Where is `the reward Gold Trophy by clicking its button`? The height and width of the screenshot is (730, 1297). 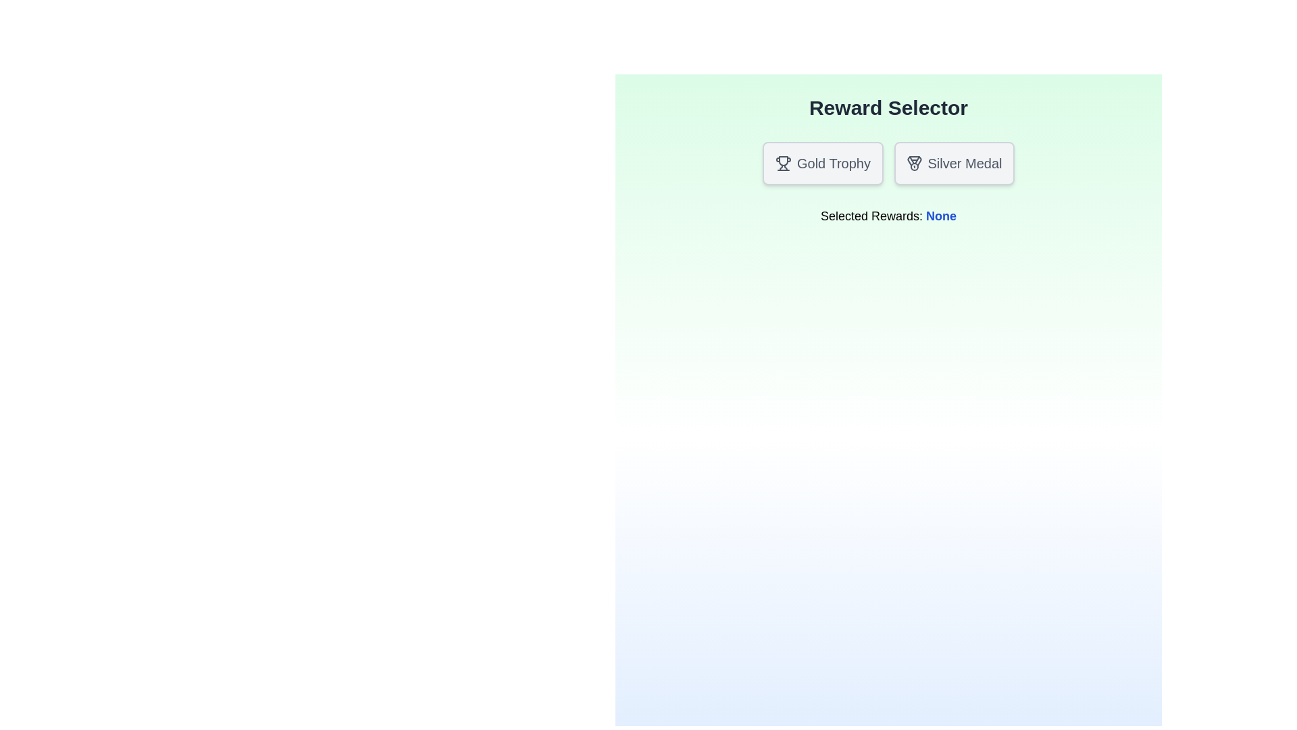 the reward Gold Trophy by clicking its button is located at coordinates (822, 163).